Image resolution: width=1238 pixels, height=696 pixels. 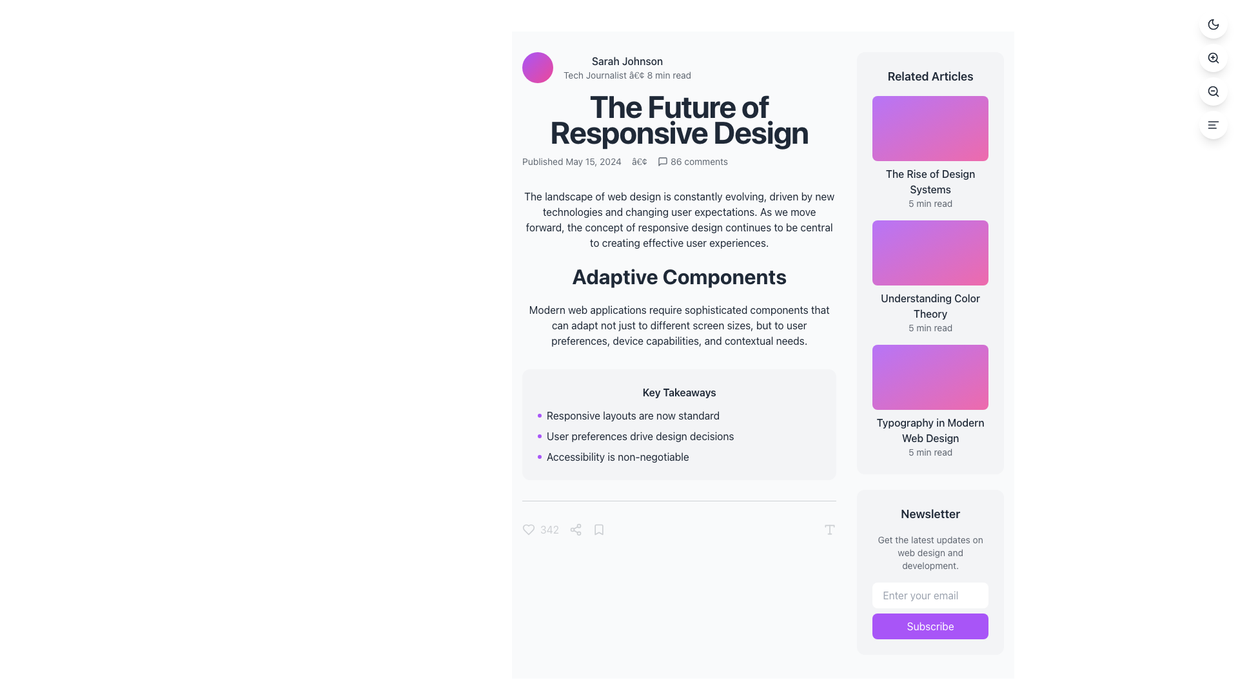 What do you see at coordinates (930, 253) in the screenshot?
I see `the Image Placeholder for the 'Understanding Color Theory' article in the 'Related Articles' section` at bounding box center [930, 253].